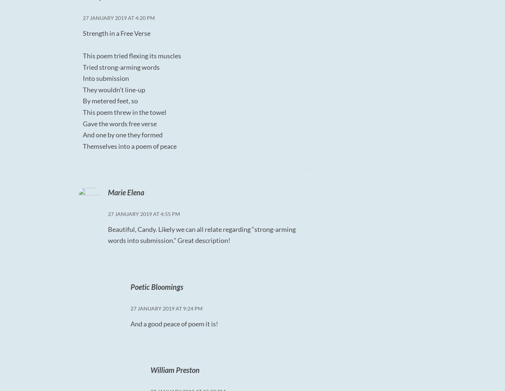 This screenshot has width=505, height=391. I want to click on '27 January 2019 at 4:55 PM', so click(143, 213).